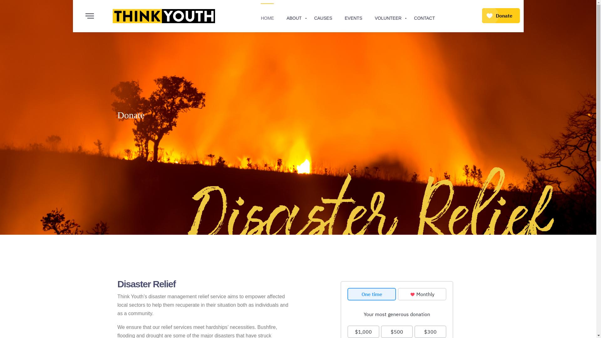 The image size is (601, 338). Describe the element at coordinates (353, 16) in the screenshot. I see `'EVENTS'` at that location.